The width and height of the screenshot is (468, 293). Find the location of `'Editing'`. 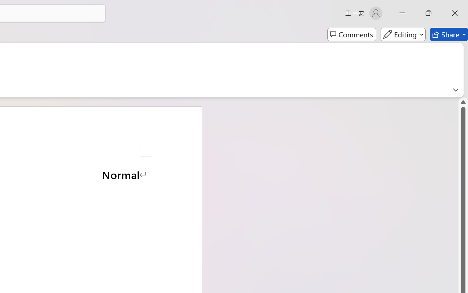

'Editing' is located at coordinates (403, 34).